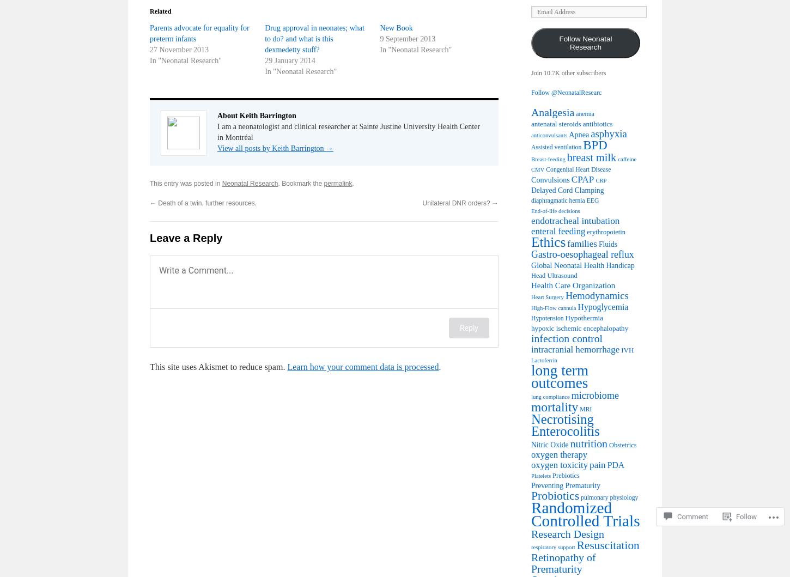  I want to click on 'Death of a twin, further resources.', so click(156, 202).